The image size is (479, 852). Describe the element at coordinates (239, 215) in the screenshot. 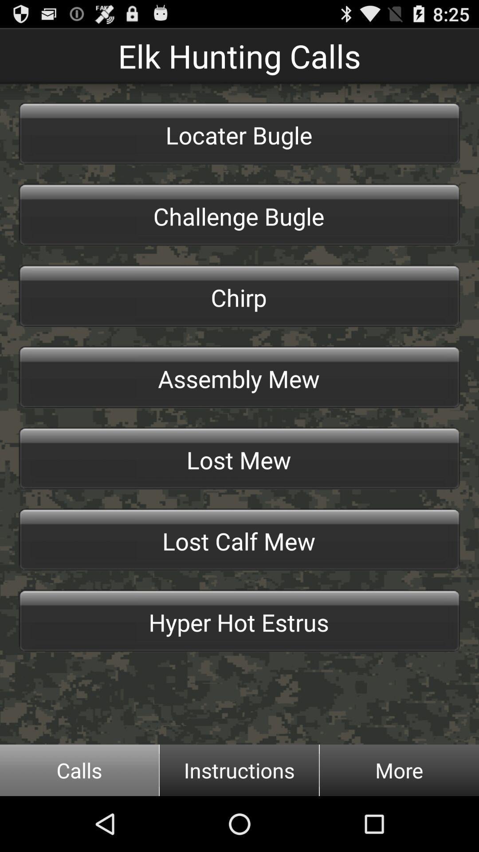

I see `the icon above chirp item` at that location.